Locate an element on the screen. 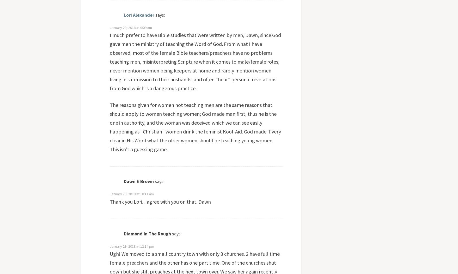 The width and height of the screenshot is (458, 274). 'January 29, 2018 at 12:14 pm' is located at coordinates (131, 246).